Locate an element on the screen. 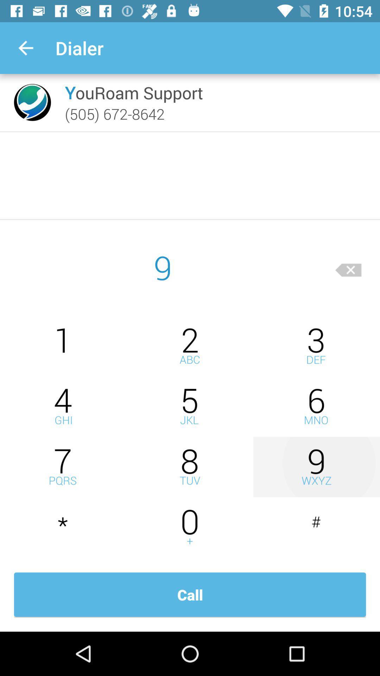  number is located at coordinates (190, 467).